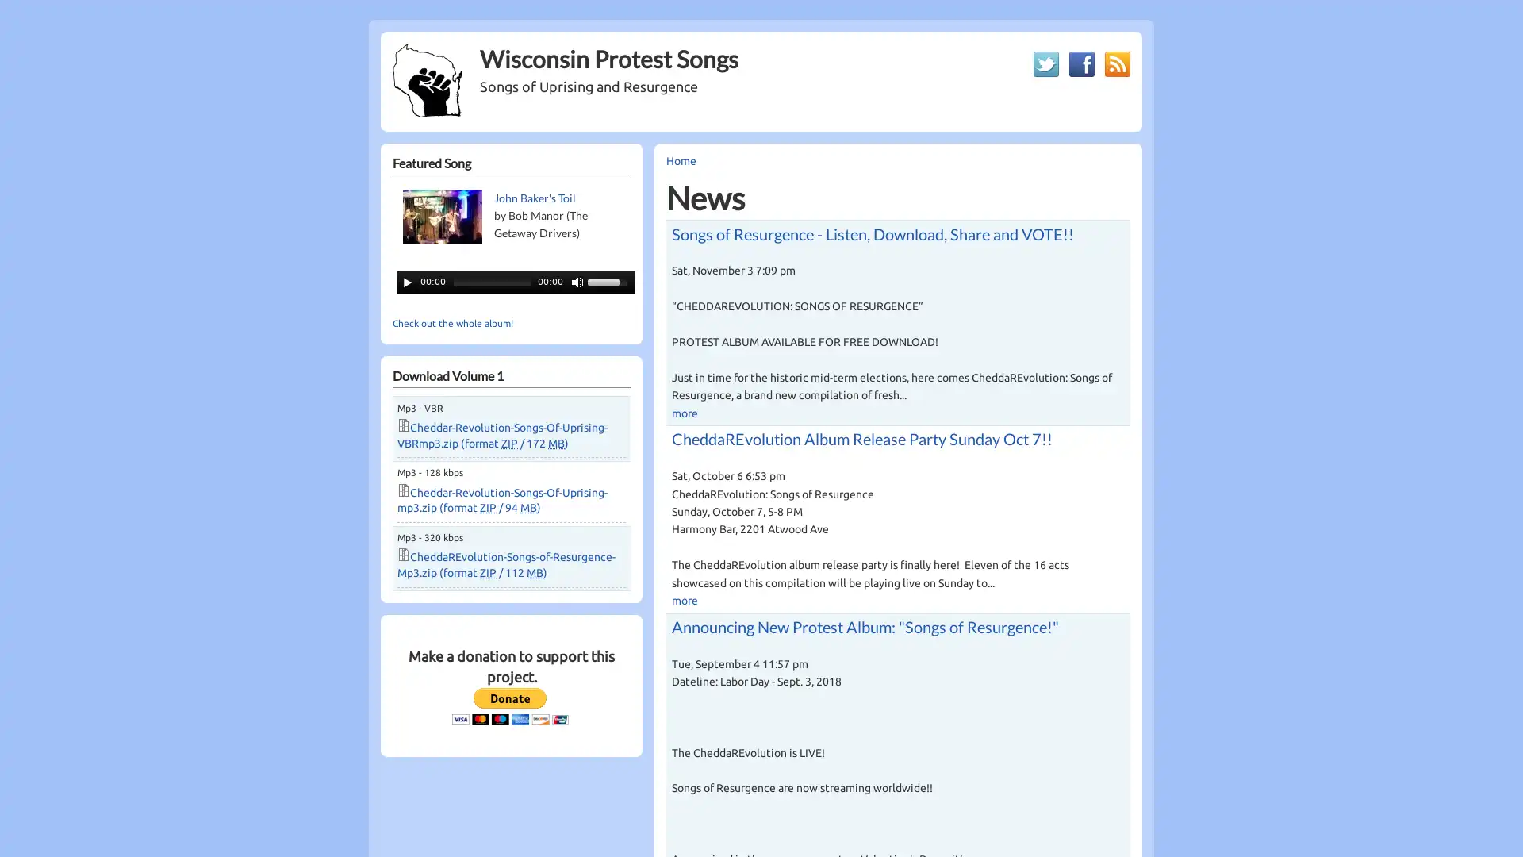  What do you see at coordinates (509, 705) in the screenshot?
I see `PayPal - The safer, easier way to pay online!` at bounding box center [509, 705].